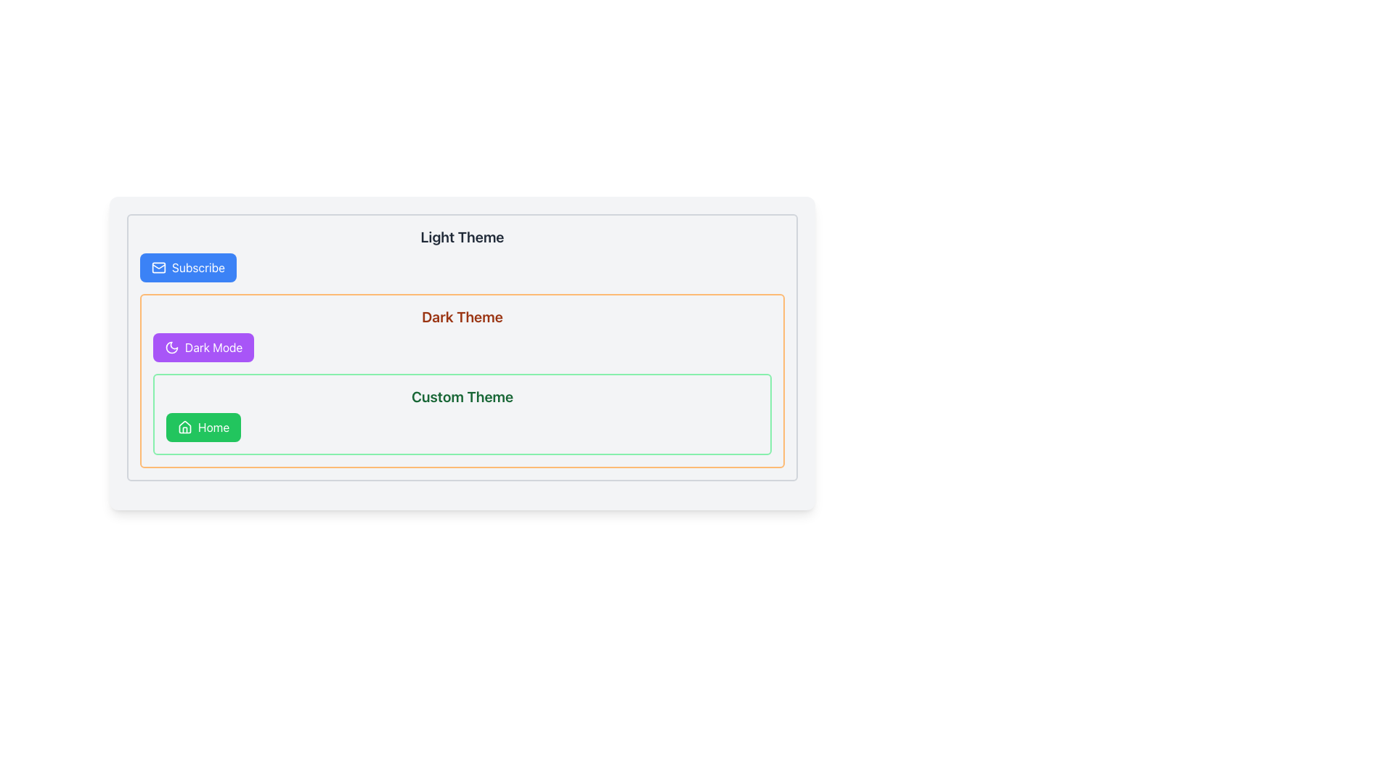 This screenshot has height=784, width=1394. Describe the element at coordinates (187, 268) in the screenshot. I see `the 'Subscribe' button, which has a light blue background and a white envelope icon, to observe its hover effects` at that location.